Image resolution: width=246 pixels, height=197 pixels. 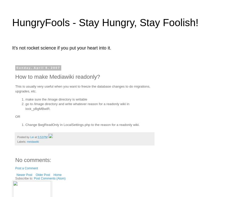 What do you see at coordinates (42, 137) in the screenshot?
I see `'5:53 PM'` at bounding box center [42, 137].